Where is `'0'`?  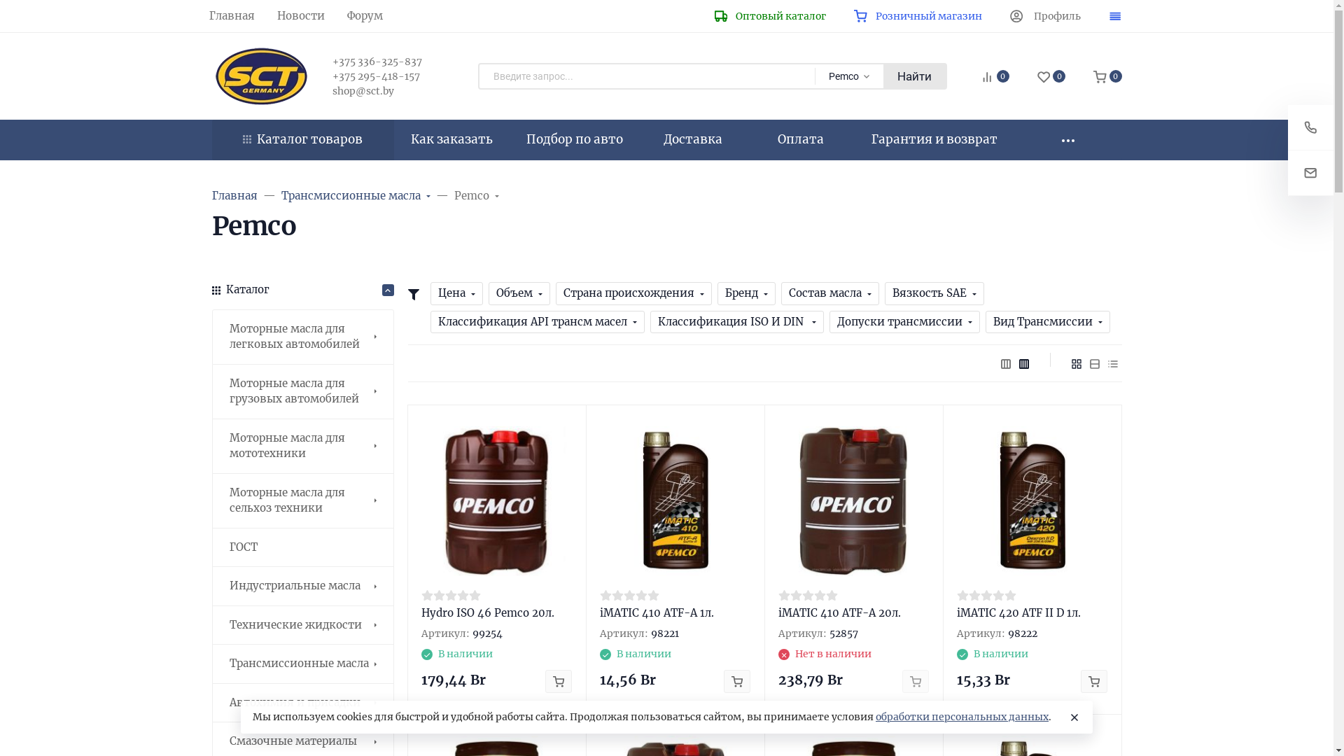 '0' is located at coordinates (1107, 77).